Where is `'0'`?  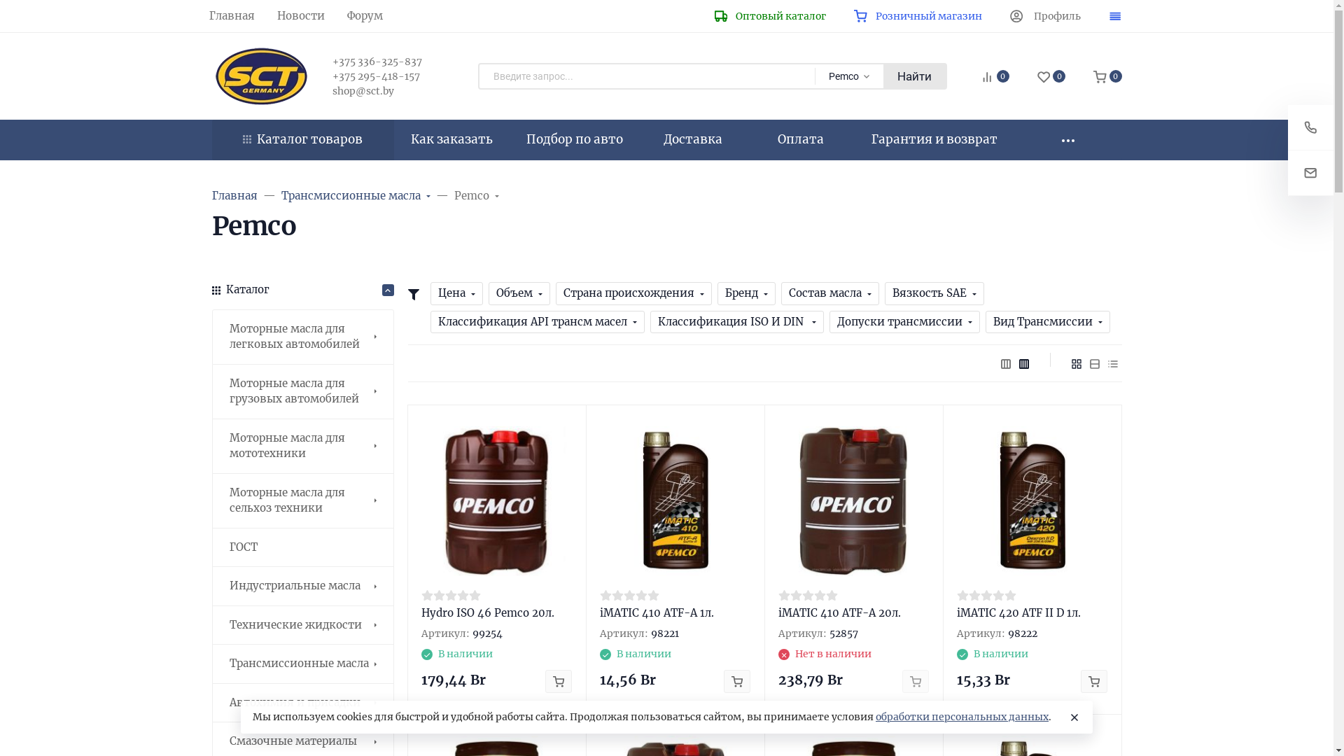 '0' is located at coordinates (1107, 77).